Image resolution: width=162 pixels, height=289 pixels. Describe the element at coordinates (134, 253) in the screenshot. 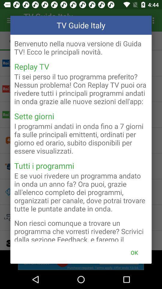

I see `the button at the bottom right corner` at that location.